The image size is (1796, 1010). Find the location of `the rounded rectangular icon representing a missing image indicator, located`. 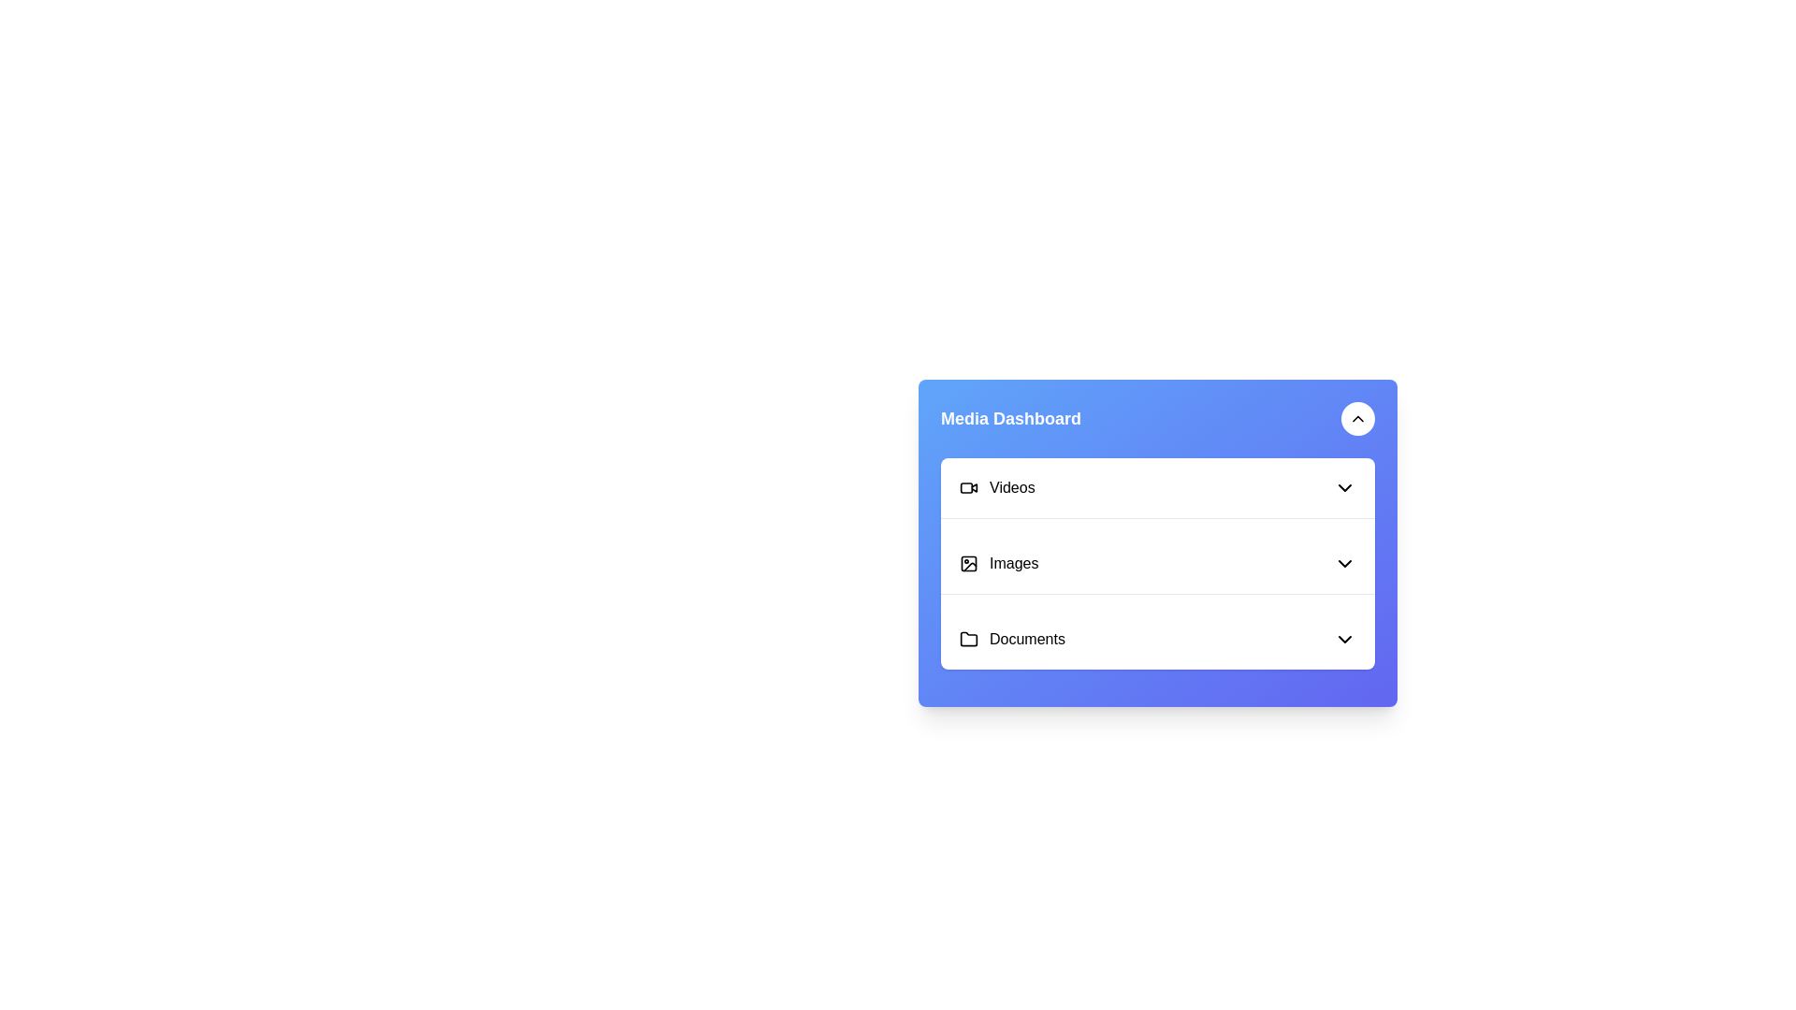

the rounded rectangular icon representing a missing image indicator, located is located at coordinates (969, 562).